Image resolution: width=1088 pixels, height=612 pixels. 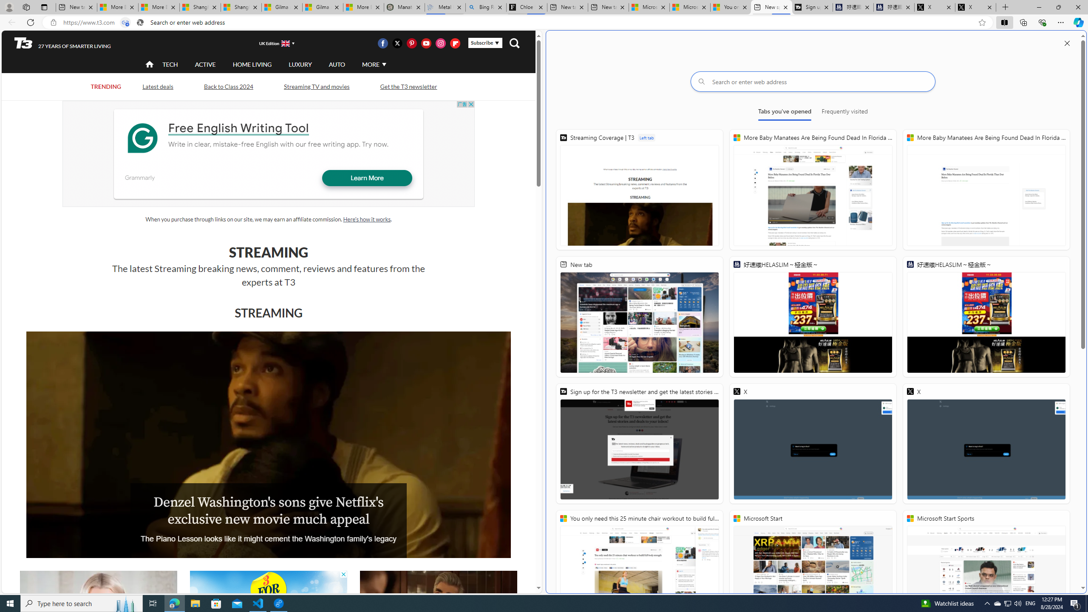 I want to click on 'AUTO', so click(x=336, y=64).